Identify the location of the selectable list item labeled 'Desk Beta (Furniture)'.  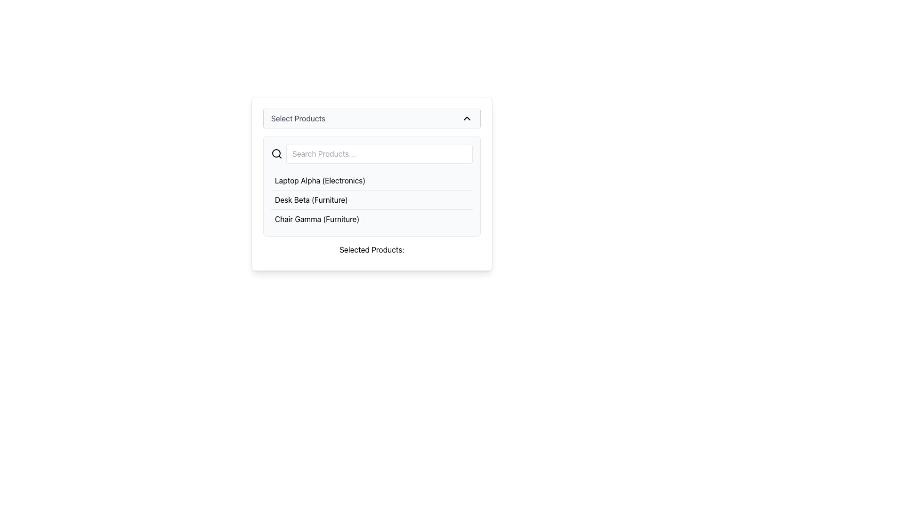
(371, 199).